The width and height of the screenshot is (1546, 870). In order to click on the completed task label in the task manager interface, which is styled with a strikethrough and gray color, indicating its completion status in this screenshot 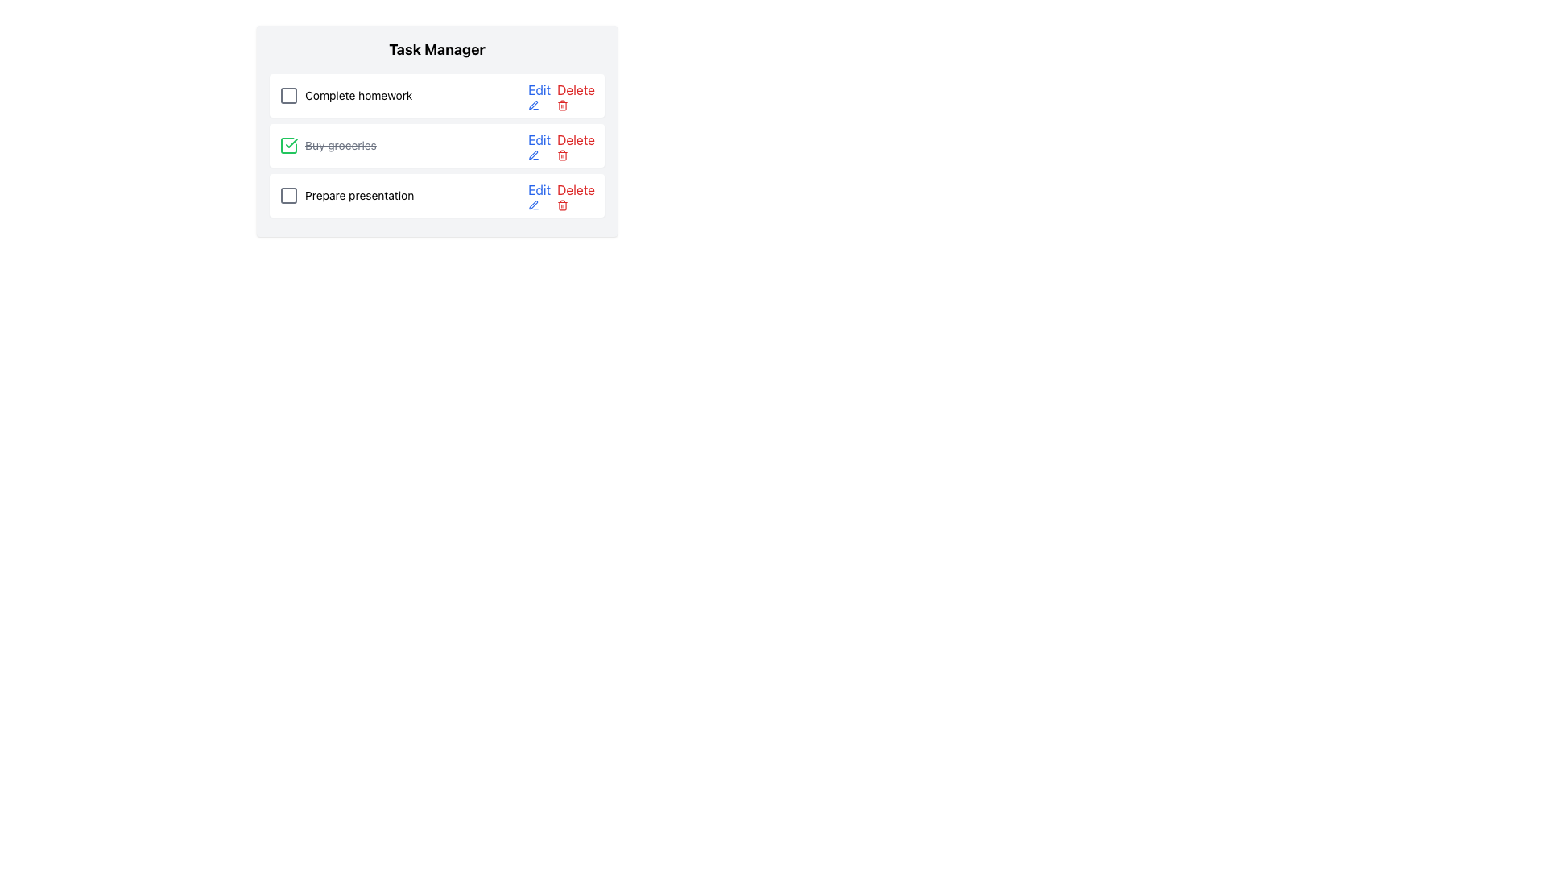, I will do `click(340, 146)`.